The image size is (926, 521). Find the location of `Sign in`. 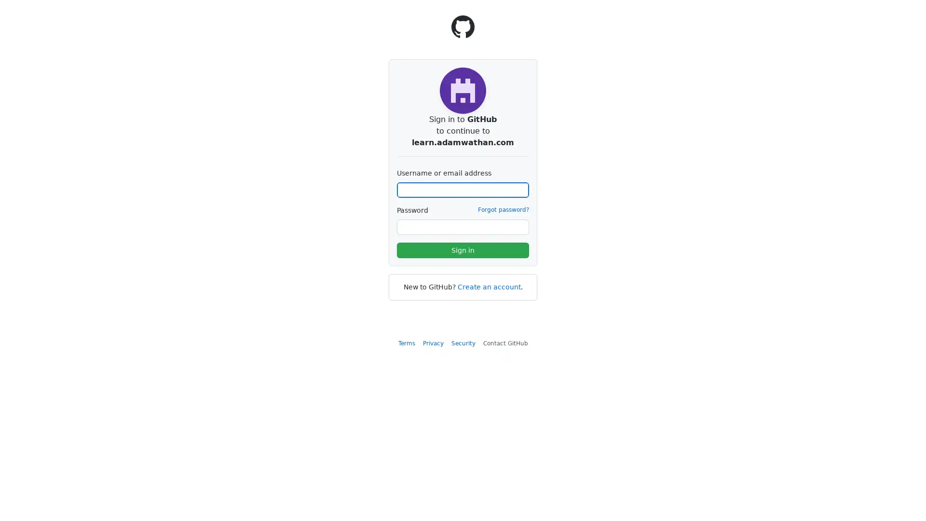

Sign in is located at coordinates (463, 250).